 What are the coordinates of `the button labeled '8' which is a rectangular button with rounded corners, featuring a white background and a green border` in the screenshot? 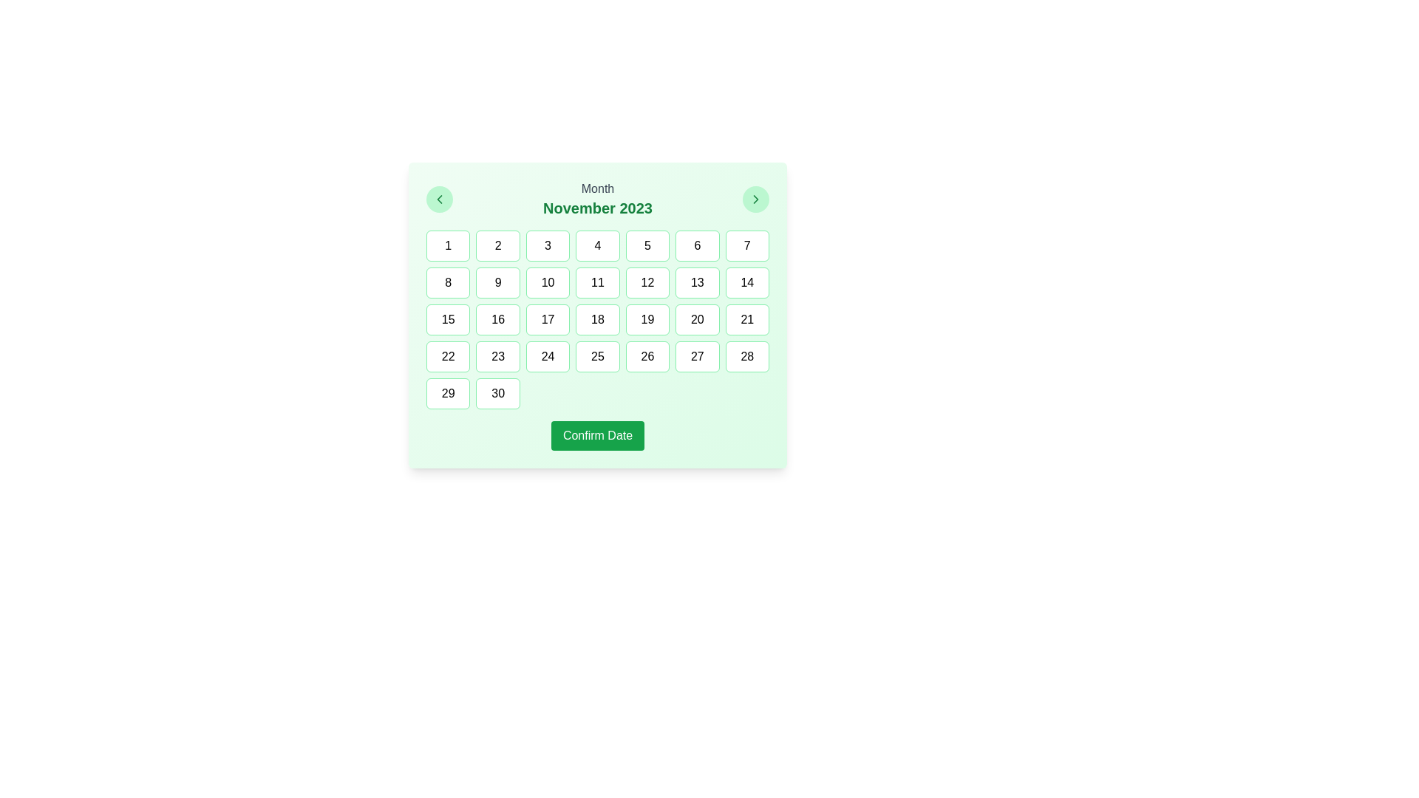 It's located at (447, 282).